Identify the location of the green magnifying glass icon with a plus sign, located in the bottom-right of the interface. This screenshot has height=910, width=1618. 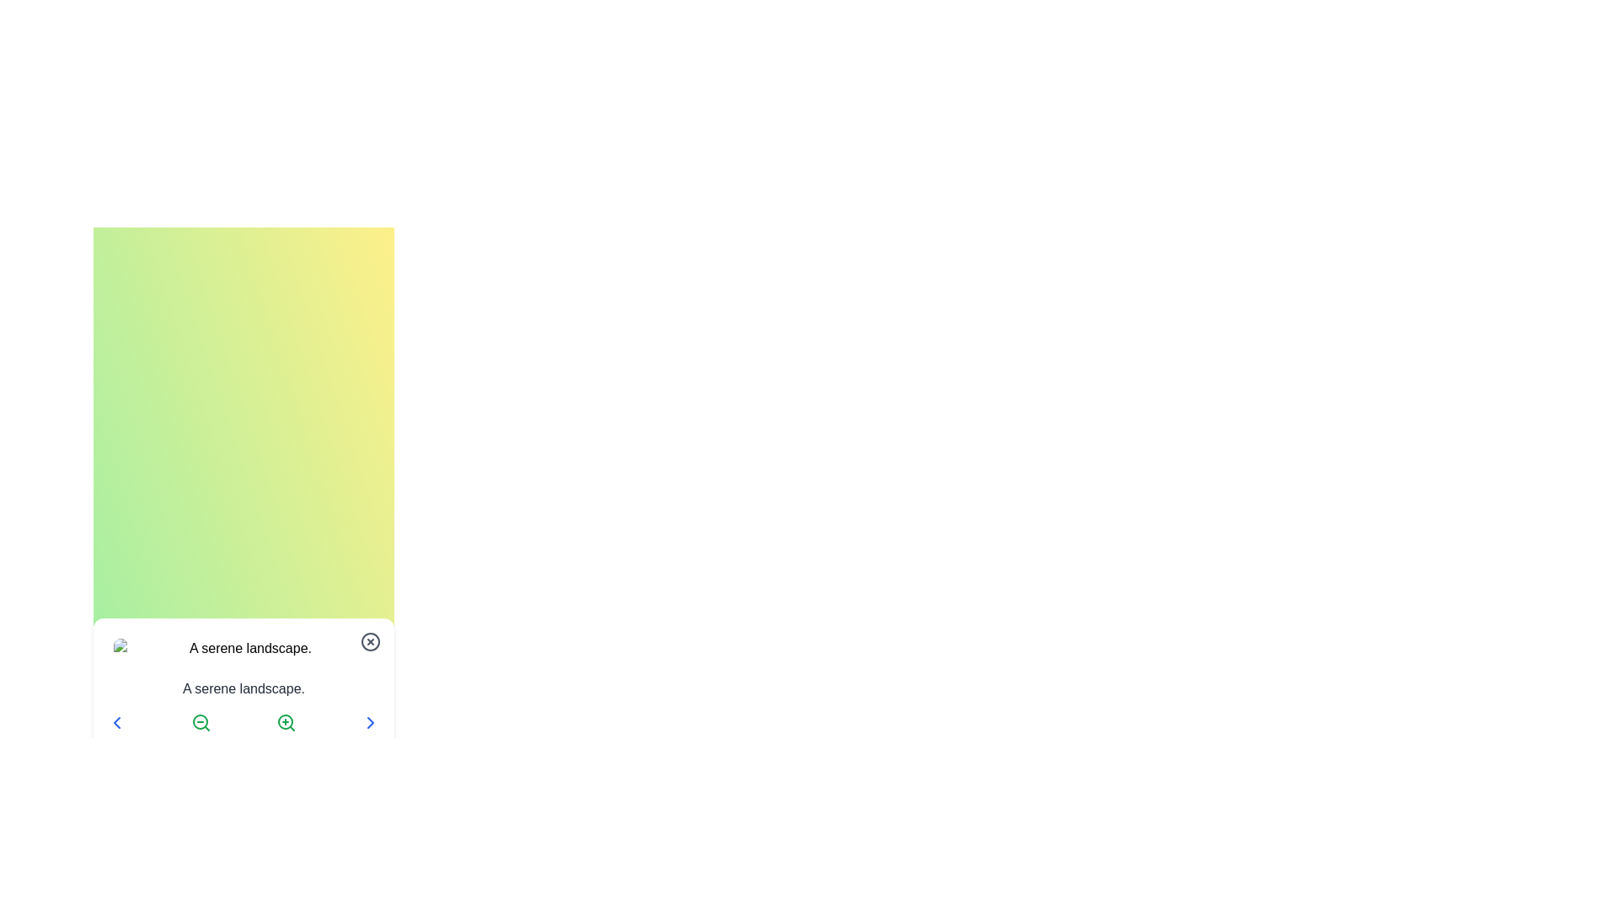
(286, 721).